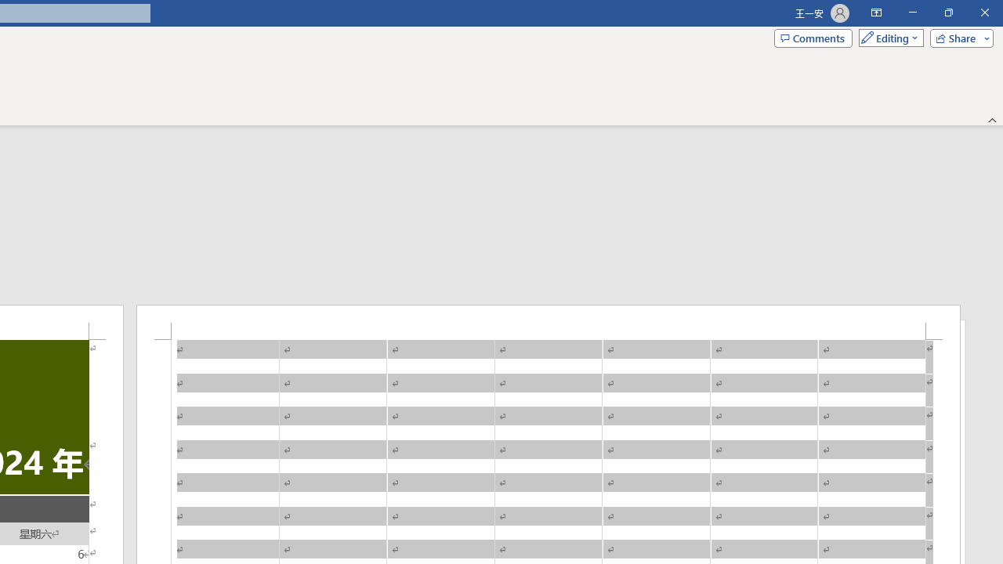 This screenshot has height=564, width=1003. I want to click on 'Share', so click(958, 37).